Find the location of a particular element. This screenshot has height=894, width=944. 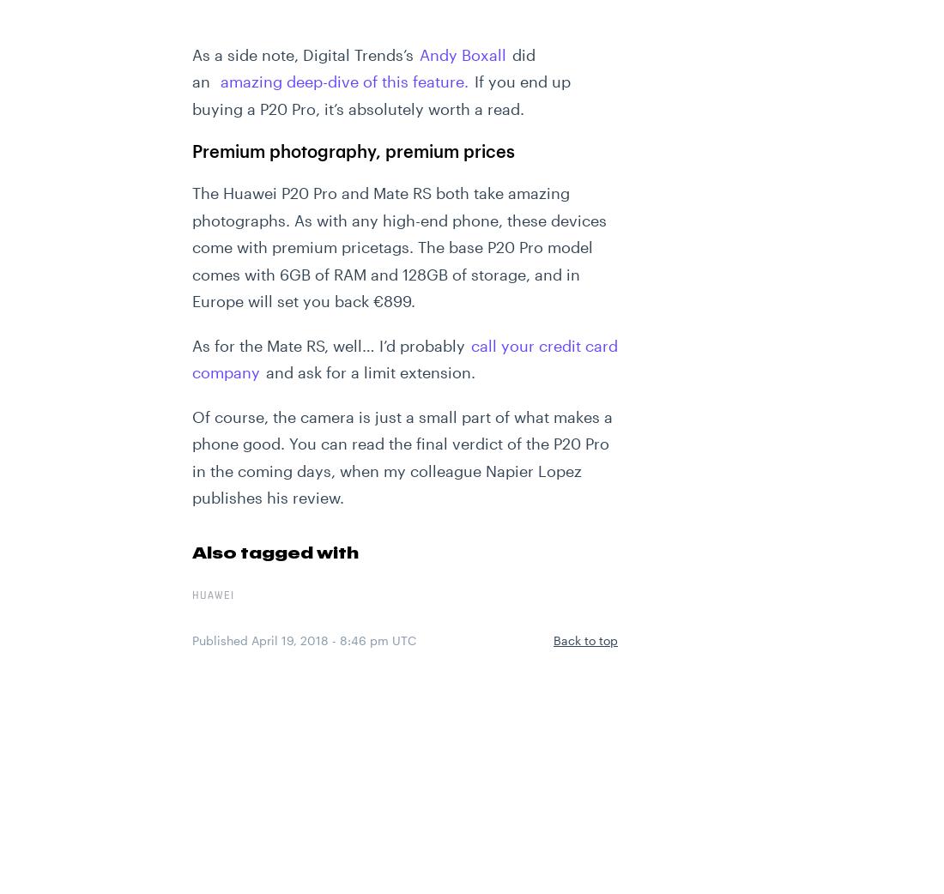

'Also tagged with' is located at coordinates (274, 551).